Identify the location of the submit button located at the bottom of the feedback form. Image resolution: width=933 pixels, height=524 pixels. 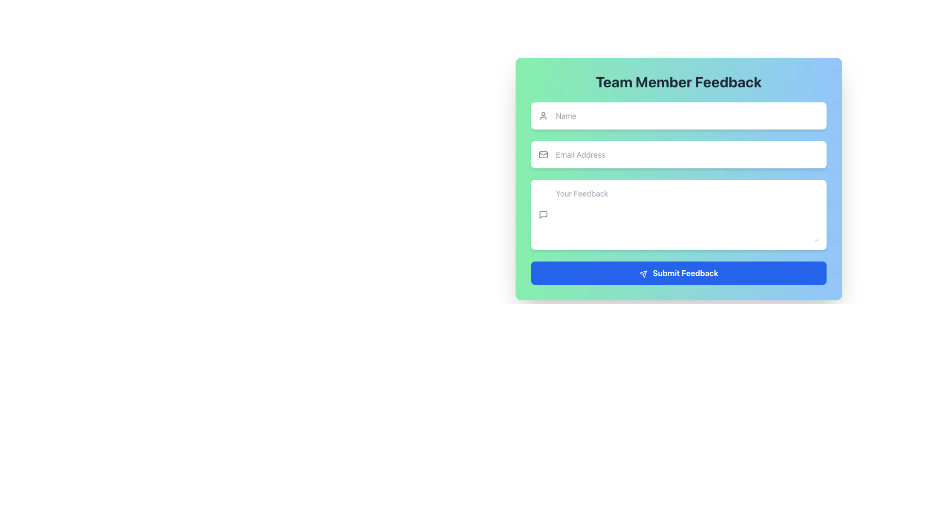
(678, 273).